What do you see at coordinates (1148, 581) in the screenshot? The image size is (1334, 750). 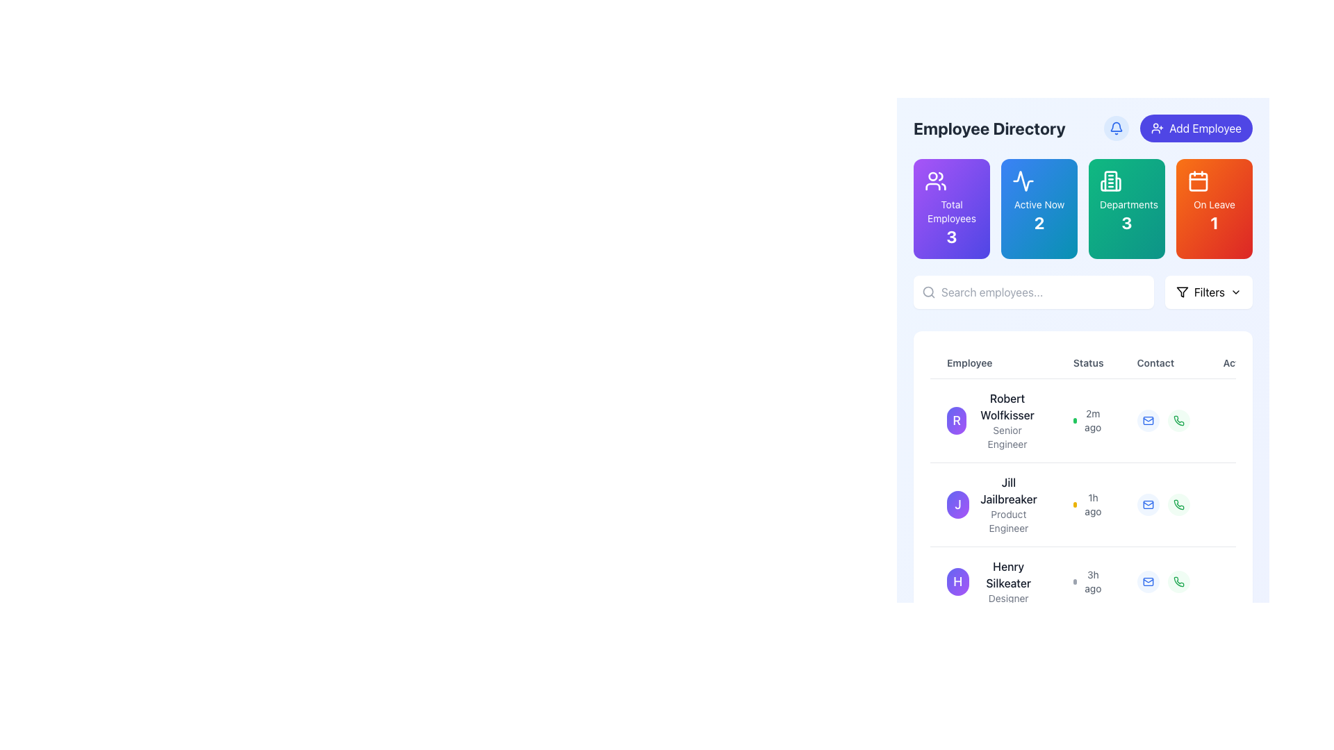 I see `the interactive button in the 'Contact' column associated with 'Henry Silkeater'` at bounding box center [1148, 581].